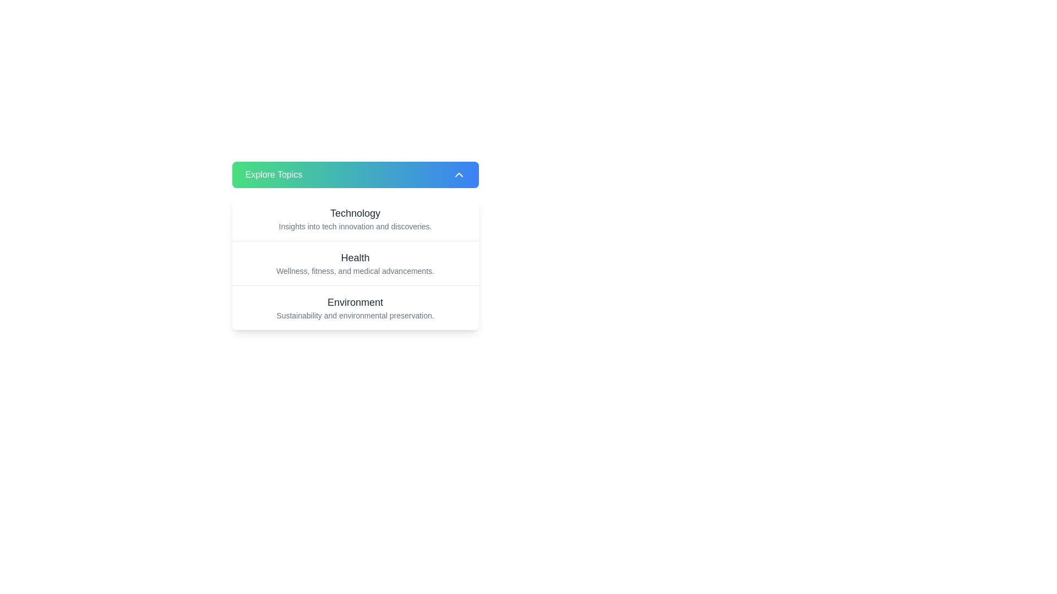 This screenshot has height=594, width=1057. What do you see at coordinates (355, 245) in the screenshot?
I see `to select the 'Health' category from the second item in the vertical list within the 'Explore Topics' panel` at bounding box center [355, 245].